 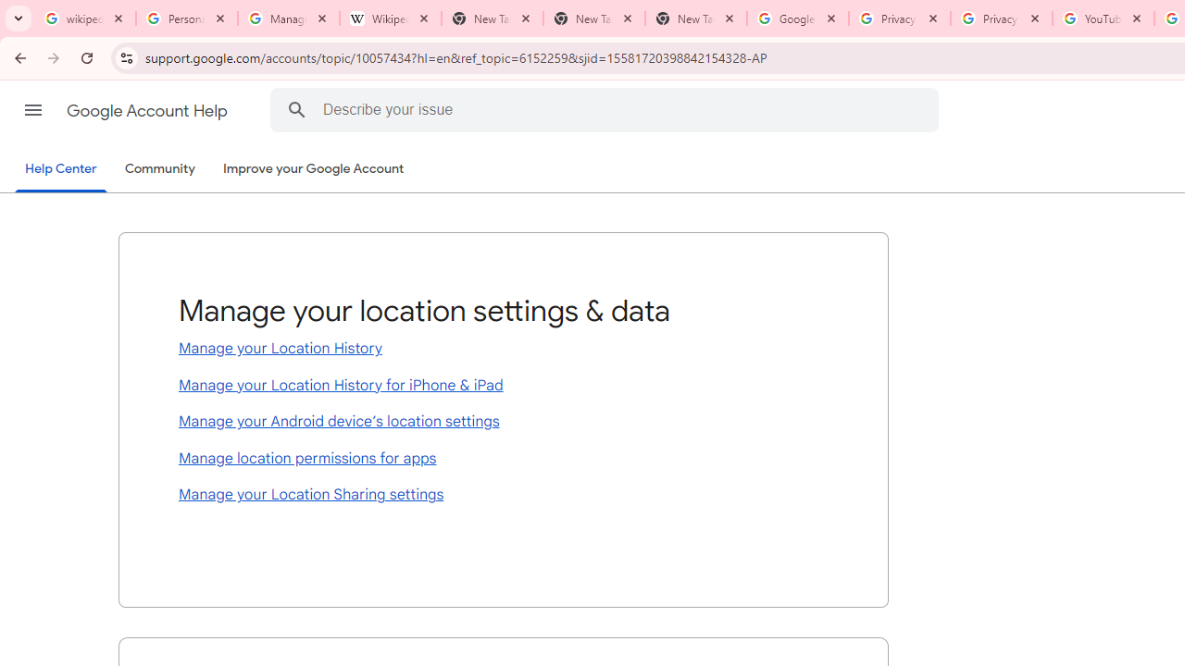 I want to click on 'Search Help Center', so click(x=296, y=109).